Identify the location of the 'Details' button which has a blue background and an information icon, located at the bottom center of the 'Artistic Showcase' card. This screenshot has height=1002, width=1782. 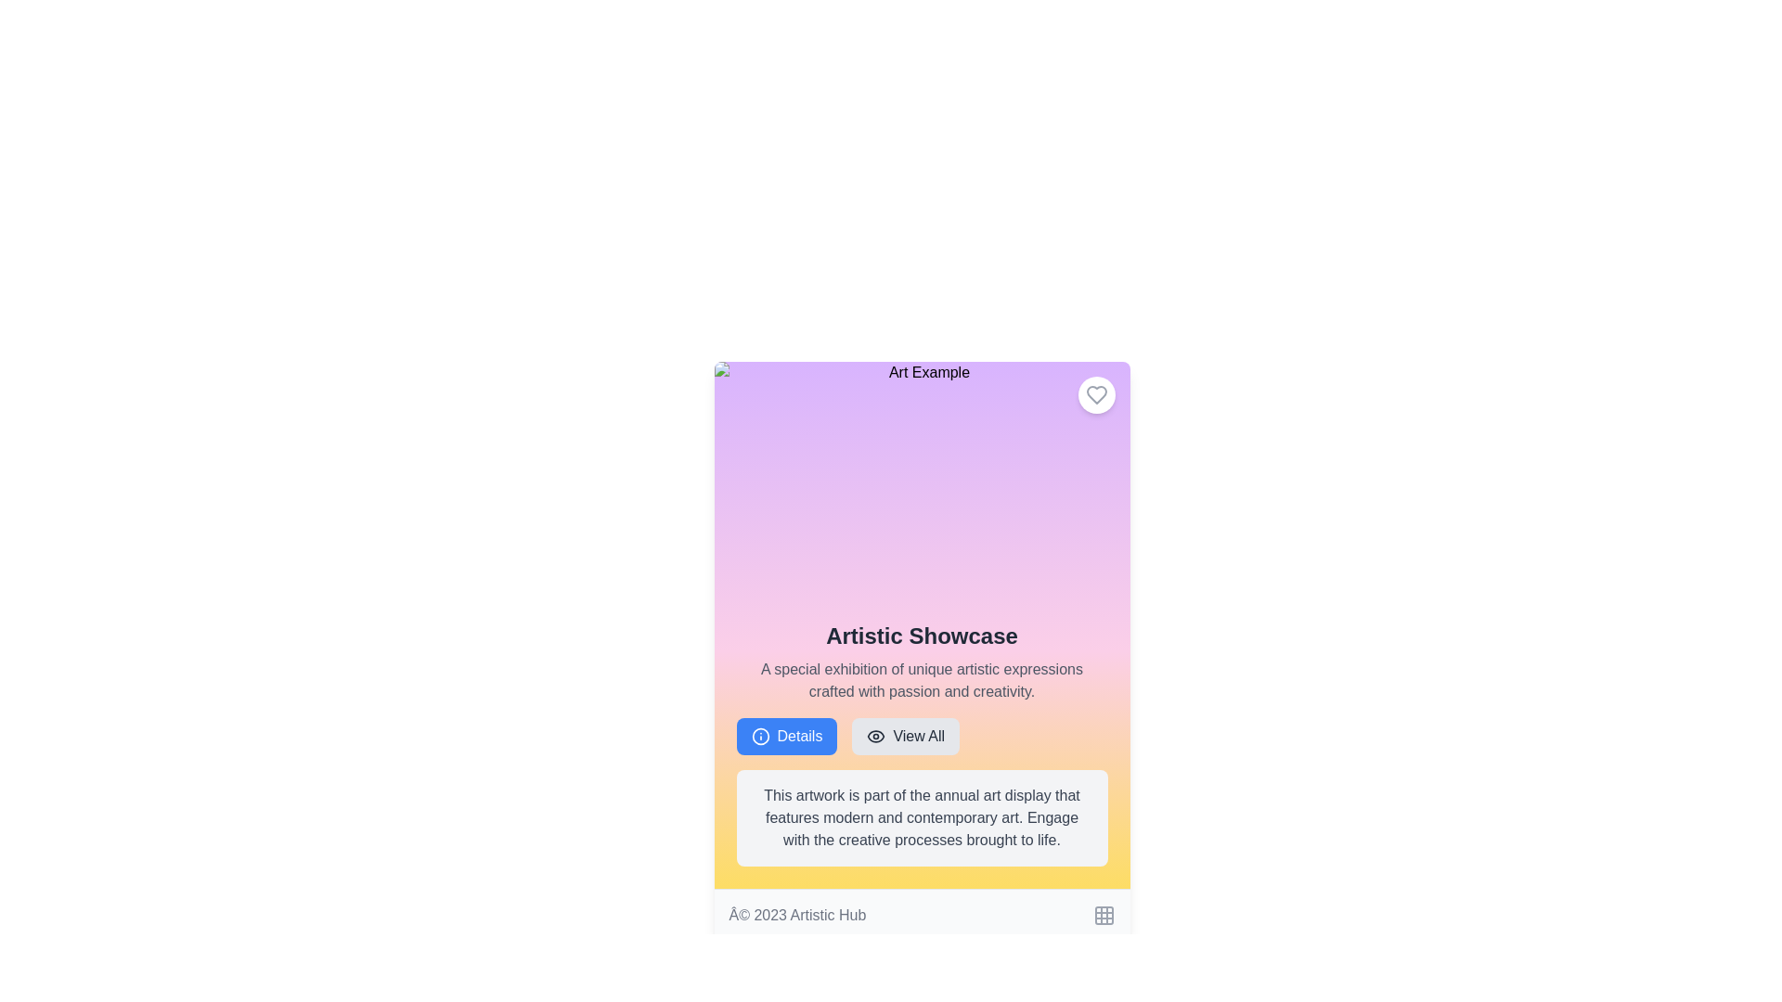
(786, 736).